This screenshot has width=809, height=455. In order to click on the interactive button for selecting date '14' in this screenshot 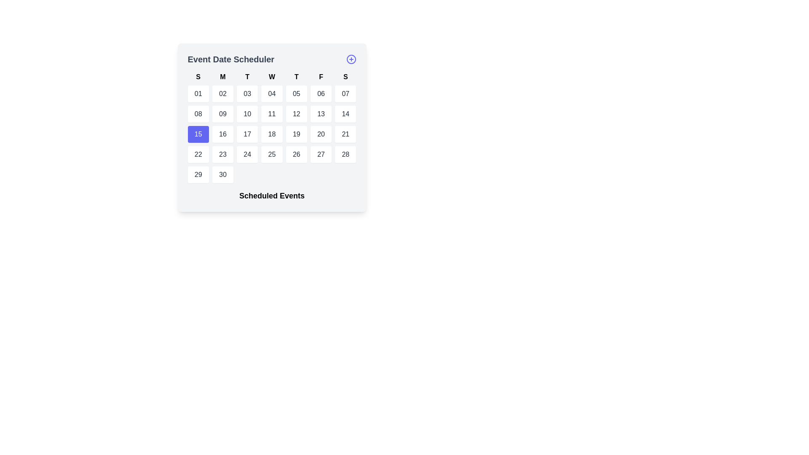, I will do `click(346, 114)`.